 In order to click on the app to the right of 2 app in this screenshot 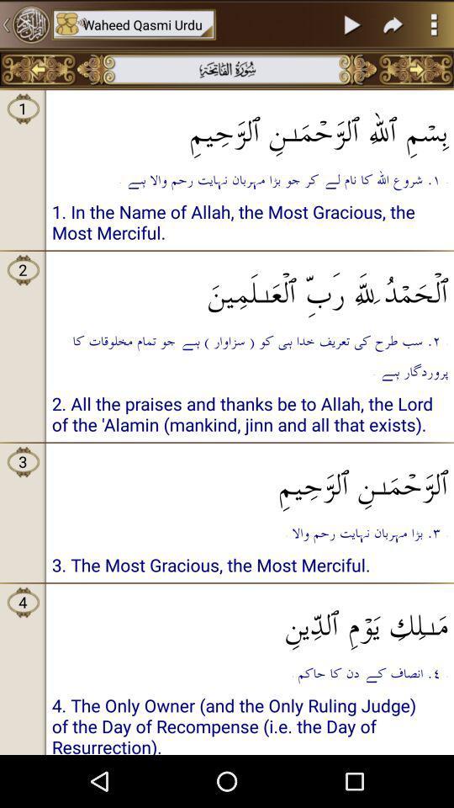, I will do `click(249, 288)`.